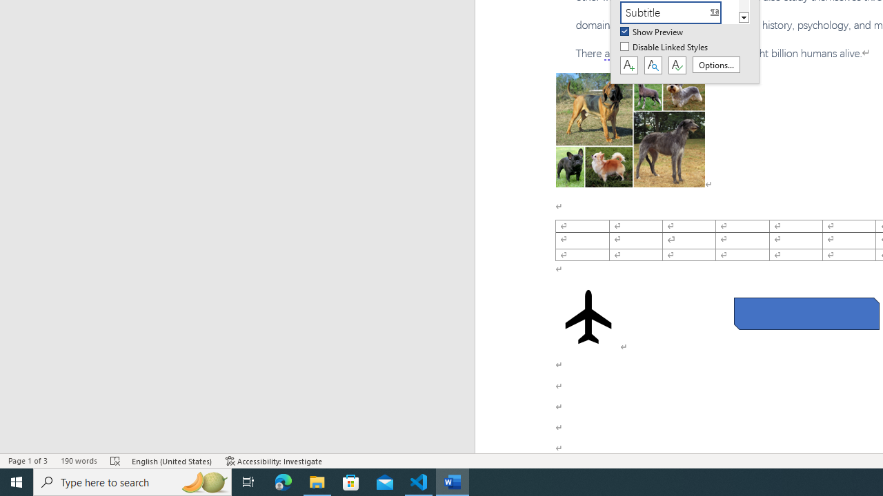  Describe the element at coordinates (677, 65) in the screenshot. I see `'Class: NetUIButton'` at that location.